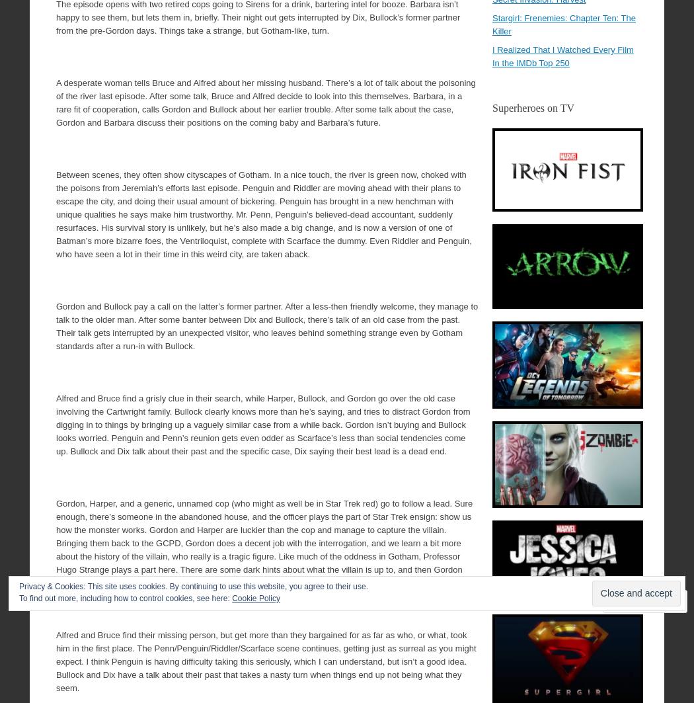 Image resolution: width=694 pixels, height=703 pixels. Describe the element at coordinates (264, 542) in the screenshot. I see `'Gordon, Harper, and a generic, unnamed cop (who might as well be in Star Trek red) go to follow a lead. Sure enough, there’s someone in the abandoned house, and the officer plays the part of Star Trek ensign: show us how the monster works. Gordon and Harper are luckier than the cop and manage to capture the villain. Bringing them back to the GCPD, Gordon does a decent job with the interrogation, and we learn a bit more about the history of the villain, who really is a tragic figure. Like much of the oddness in Gotham, Professor Hugo Strange plays a part here. There are some dark hints about what the villain is up to, and then Gordon leaves, not quite understanding the nature of what he’s up against here.'` at that location.